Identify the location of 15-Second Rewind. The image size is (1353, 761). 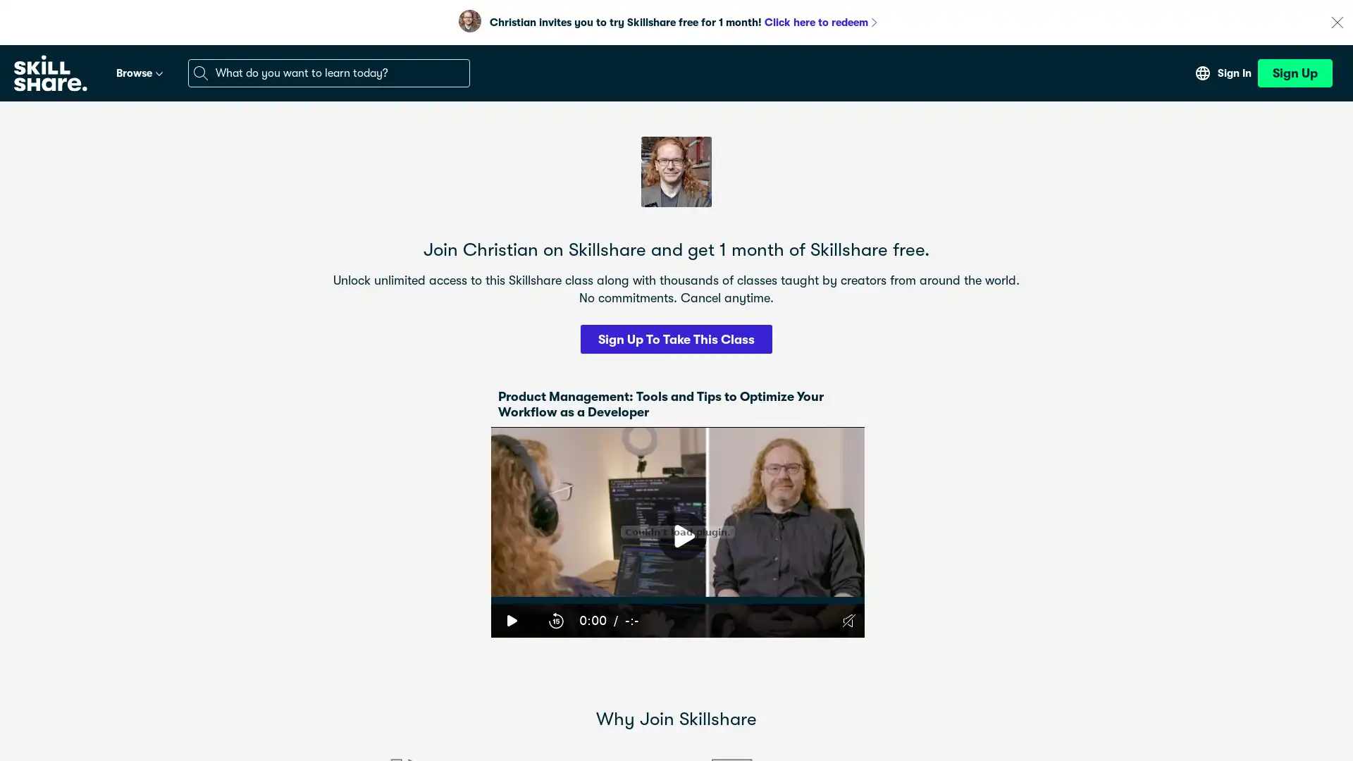
(555, 619).